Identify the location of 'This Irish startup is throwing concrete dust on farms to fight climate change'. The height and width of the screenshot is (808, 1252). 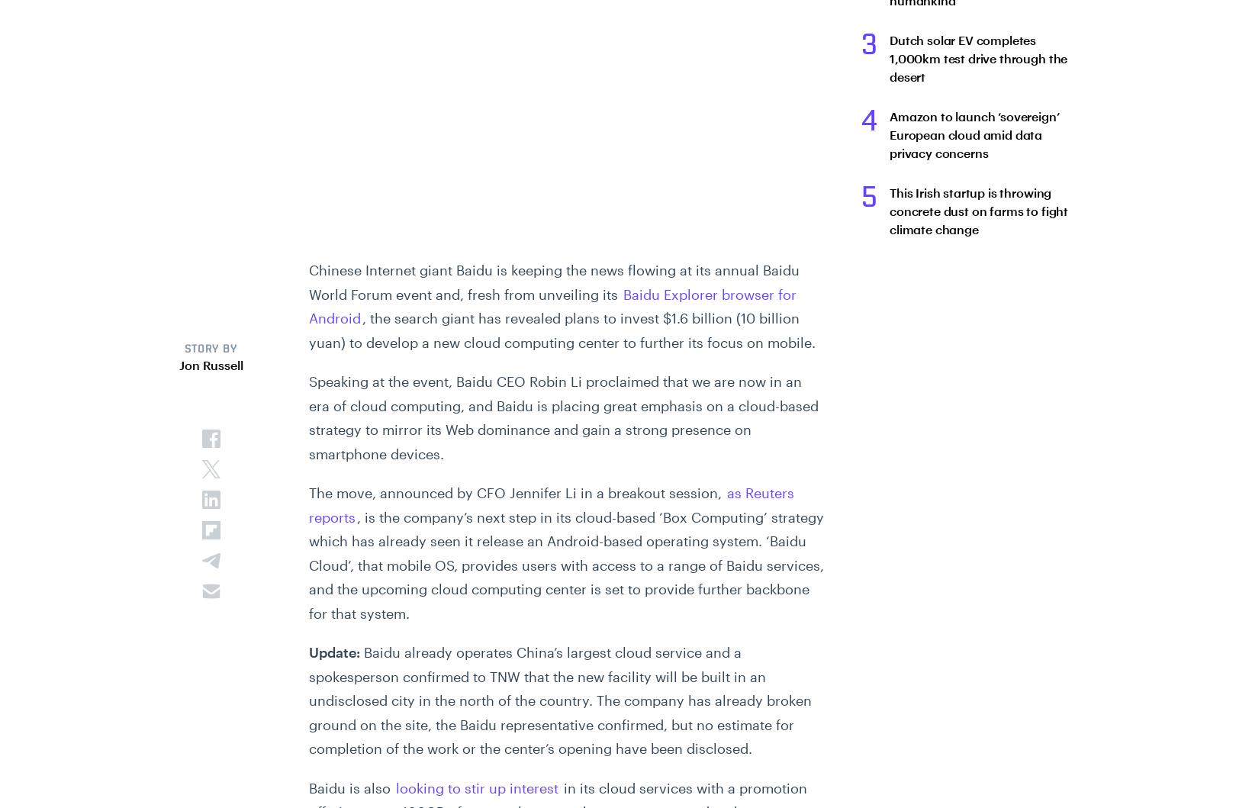
(977, 211).